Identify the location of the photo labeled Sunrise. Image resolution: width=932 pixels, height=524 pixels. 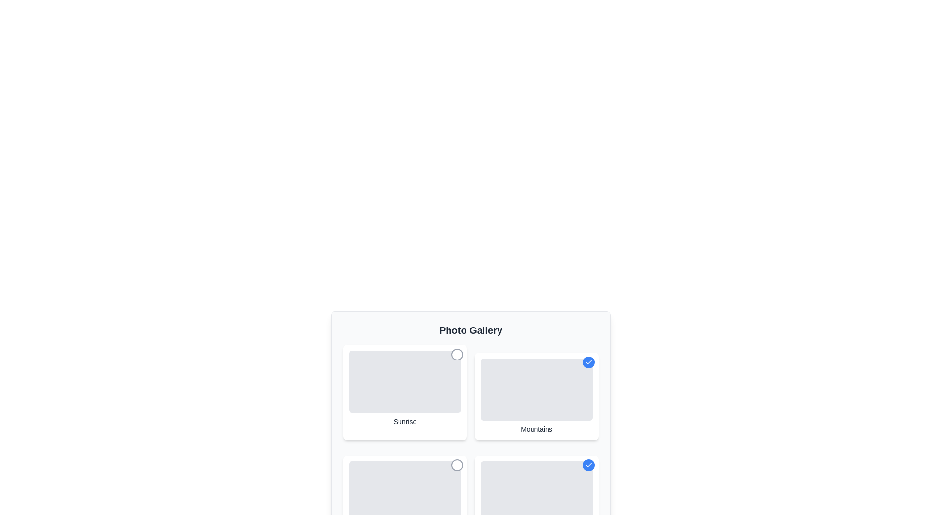
(456, 355).